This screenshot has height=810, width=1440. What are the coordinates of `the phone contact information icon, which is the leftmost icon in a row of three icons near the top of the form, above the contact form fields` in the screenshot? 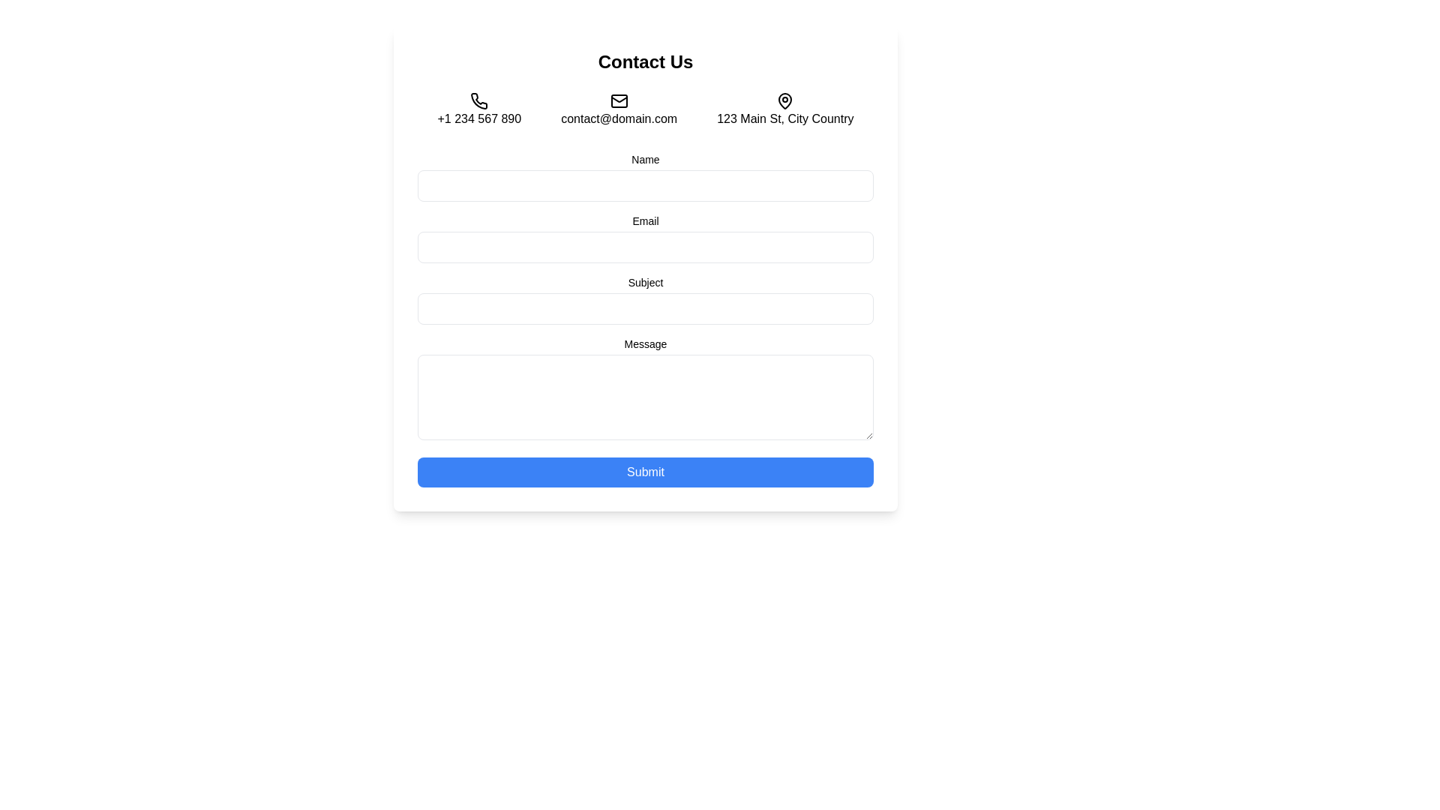 It's located at (478, 101).